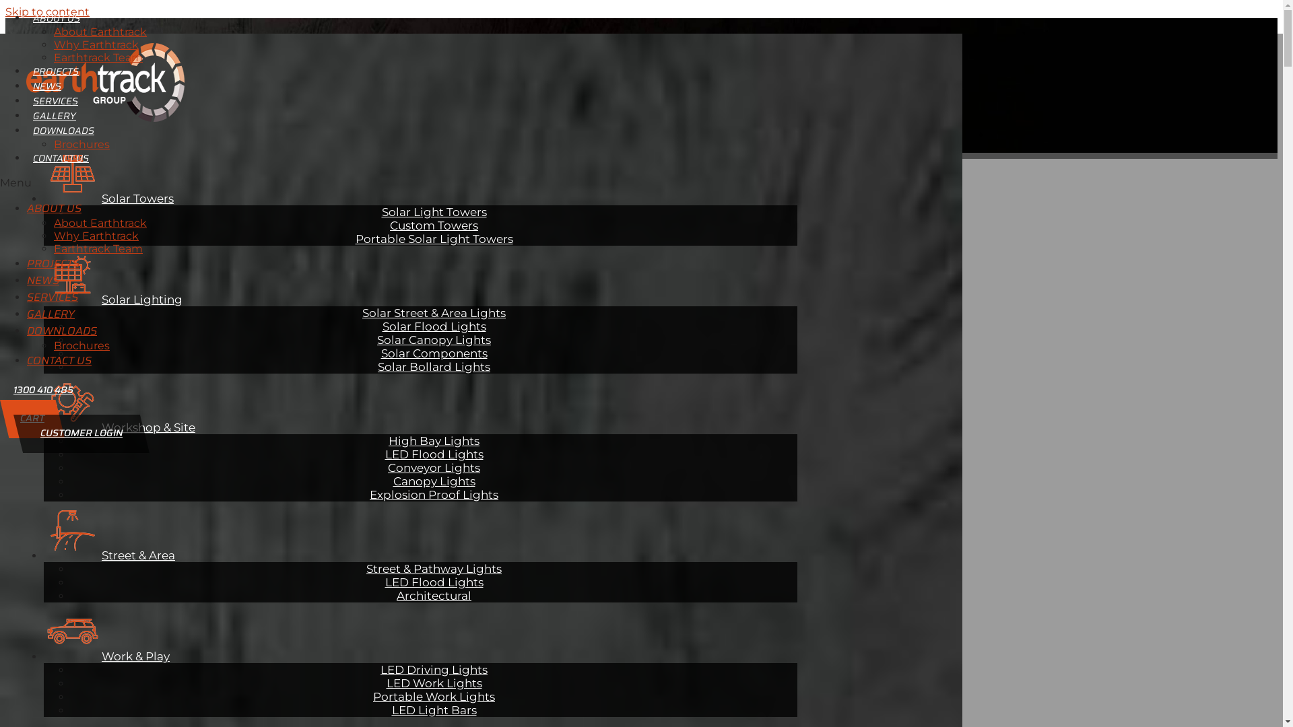 This screenshot has width=1293, height=727. What do you see at coordinates (109, 555) in the screenshot?
I see `'Street & Area'` at bounding box center [109, 555].